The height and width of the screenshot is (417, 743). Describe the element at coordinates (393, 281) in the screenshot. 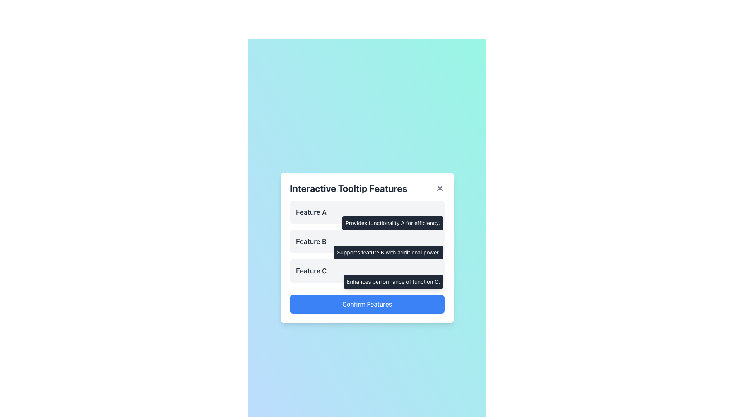

I see `the tooltip providing additional information about 'Feature C', located in the lower part of the interface` at that location.